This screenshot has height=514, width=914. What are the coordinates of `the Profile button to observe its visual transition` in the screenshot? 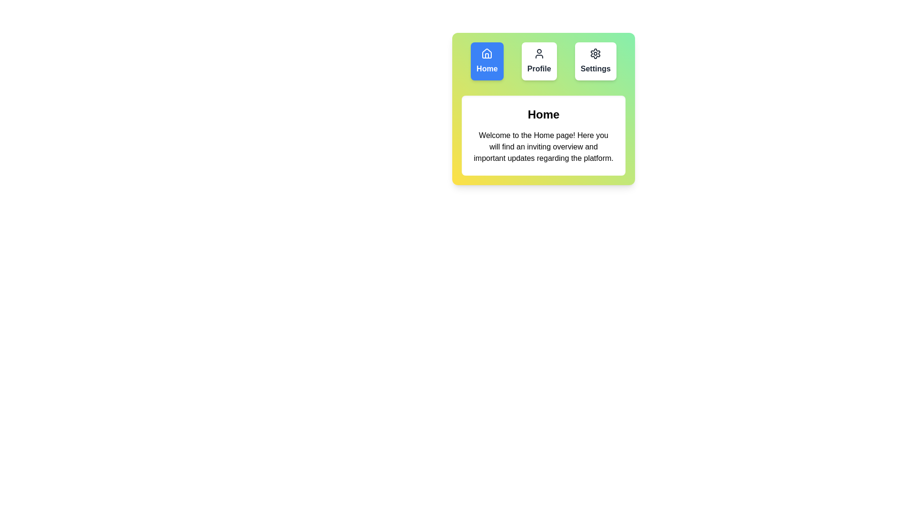 It's located at (539, 61).